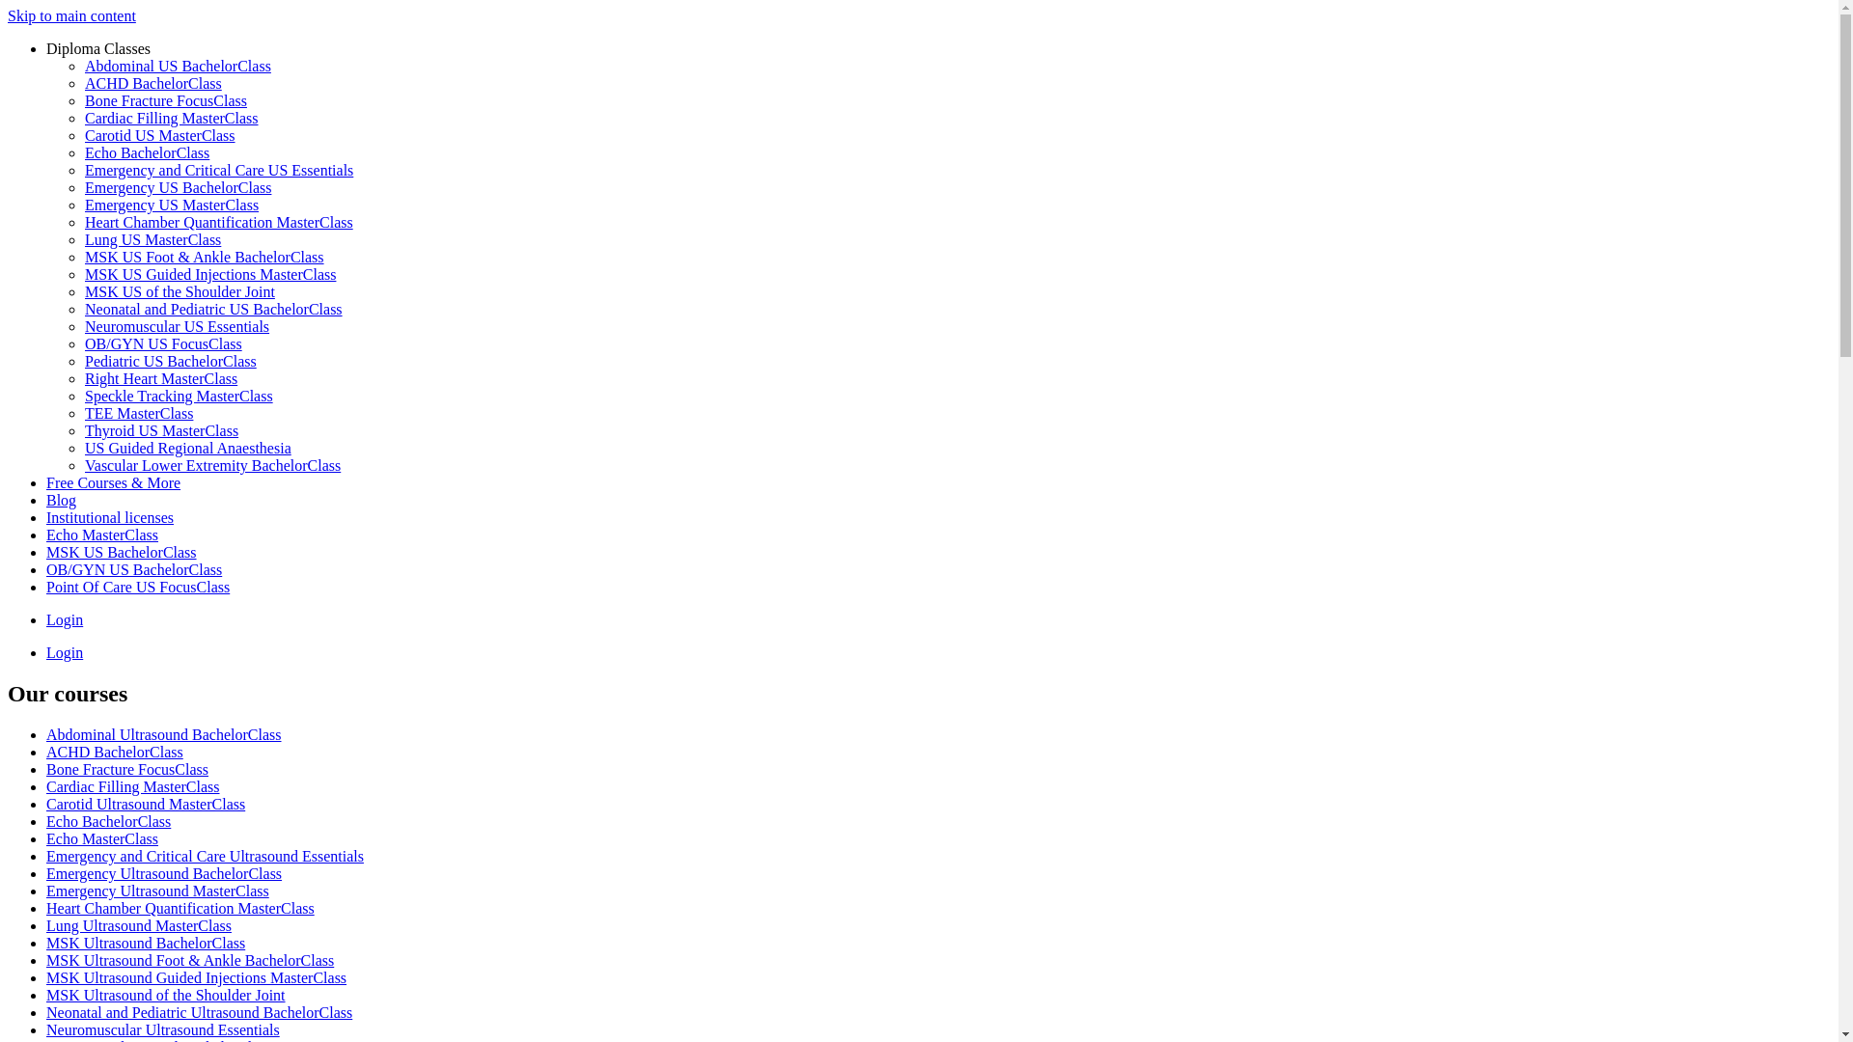 The width and height of the screenshot is (1853, 1042). What do you see at coordinates (160, 134) in the screenshot?
I see `'Carotid US MasterClass'` at bounding box center [160, 134].